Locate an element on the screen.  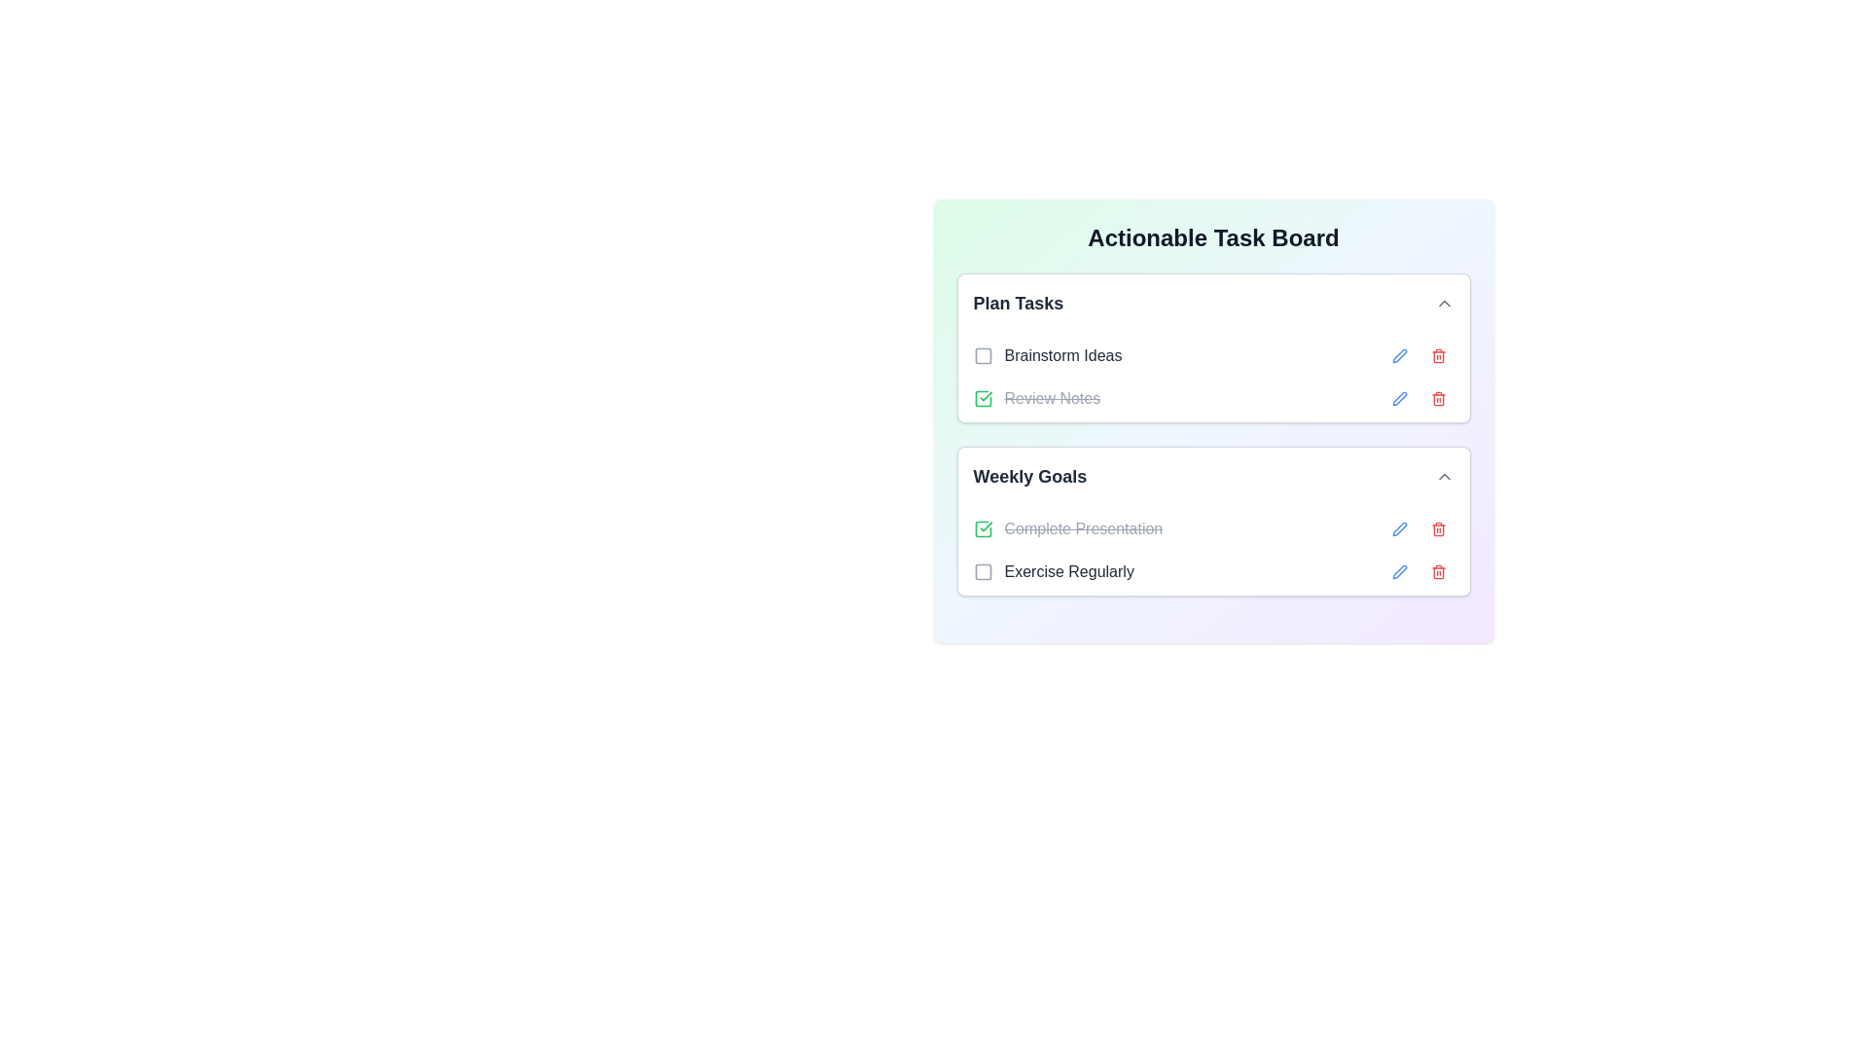
text from the title label located in the header of the second task group, which provides context for the associated list items below it is located at coordinates (1028, 476).